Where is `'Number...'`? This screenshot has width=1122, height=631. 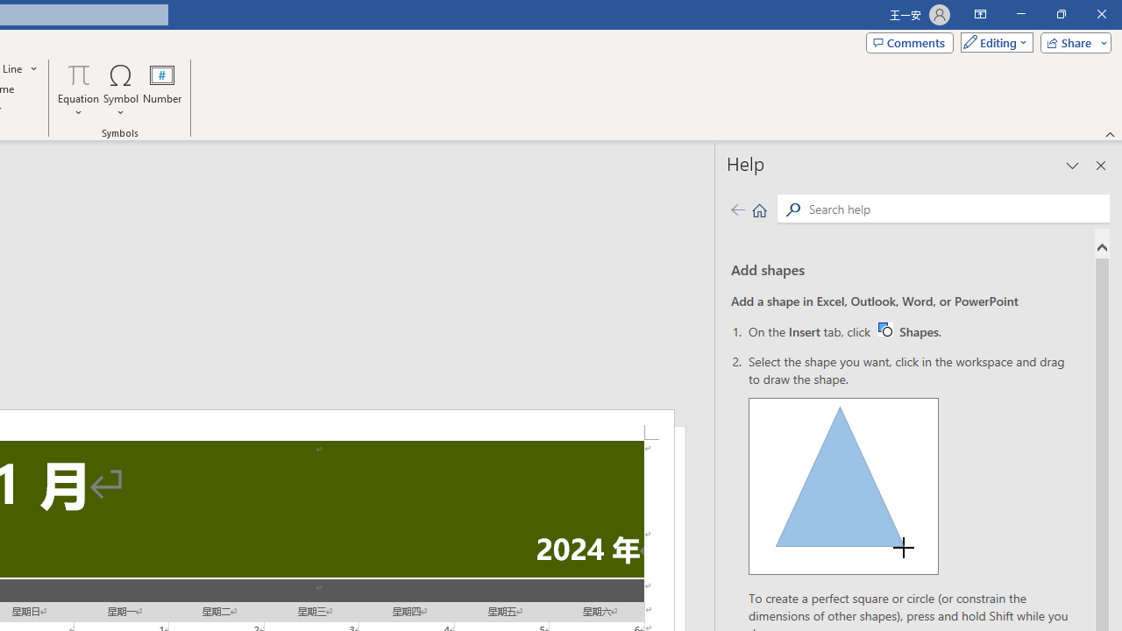 'Number...' is located at coordinates (162, 90).